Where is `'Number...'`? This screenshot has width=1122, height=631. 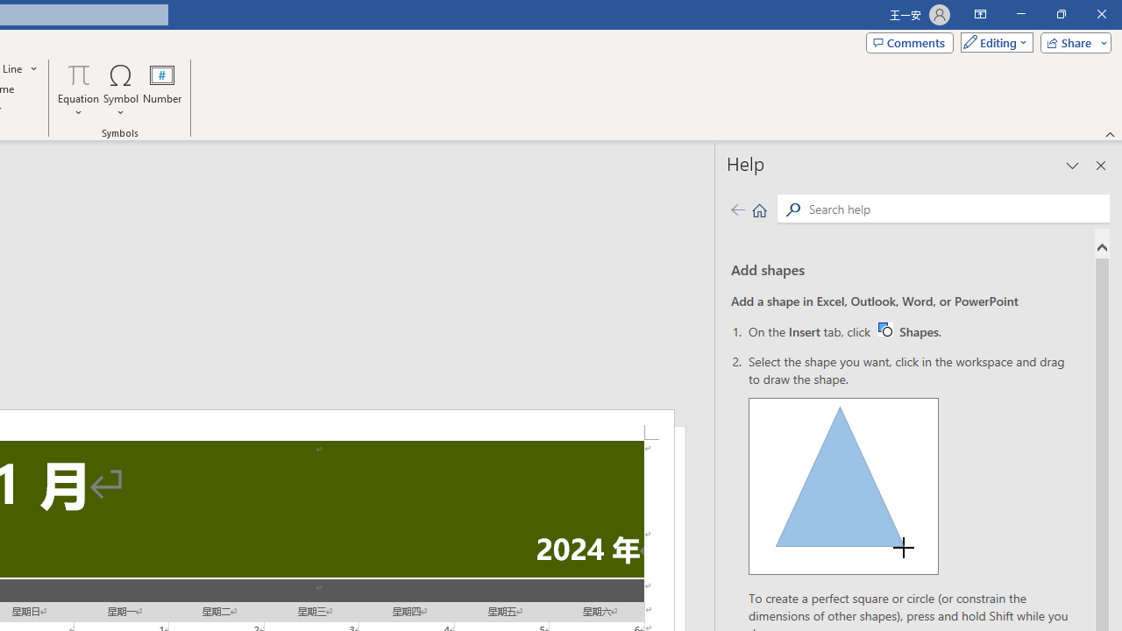 'Number...' is located at coordinates (162, 90).